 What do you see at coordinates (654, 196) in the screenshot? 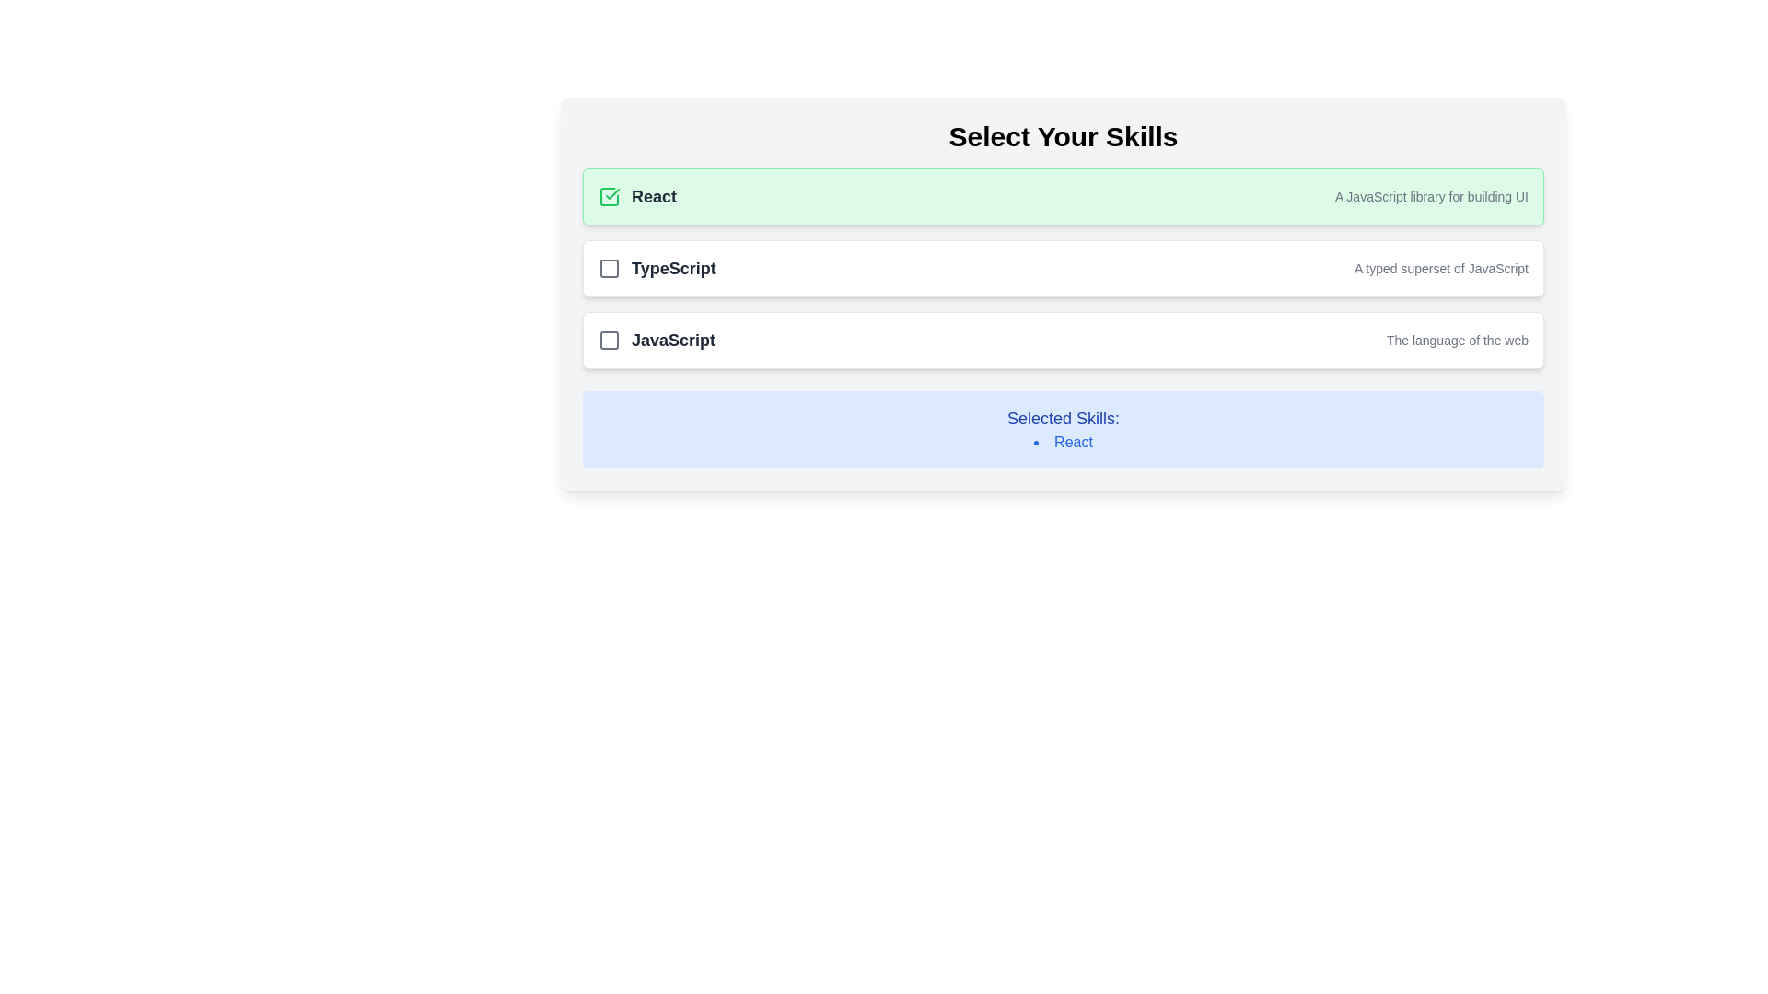
I see `the text label representing the 'React' skill in the skill-selection card, which is positioned to the right of a checkmark icon` at bounding box center [654, 196].